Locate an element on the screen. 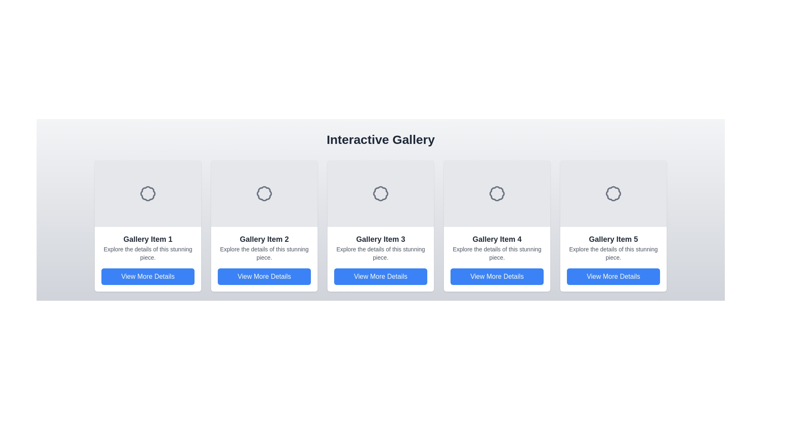 Image resolution: width=798 pixels, height=448 pixels. the 'View More Details' button on the gallery item display for 'Gallery Item 2', which is located near the center of the layout is located at coordinates (264, 258).